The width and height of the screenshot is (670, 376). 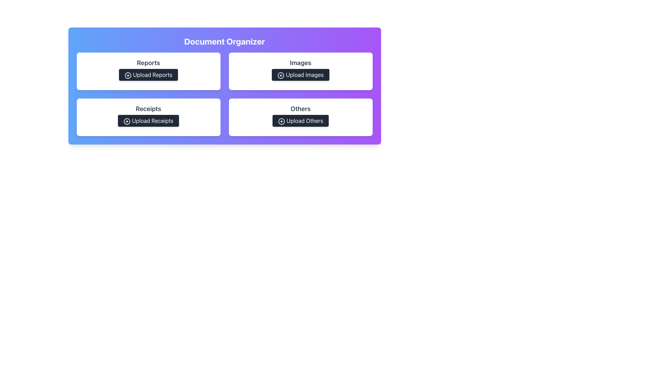 I want to click on text label that displays 'Others' in bold and large font, located on a white card above the 'Upload Others' button, so click(x=300, y=109).